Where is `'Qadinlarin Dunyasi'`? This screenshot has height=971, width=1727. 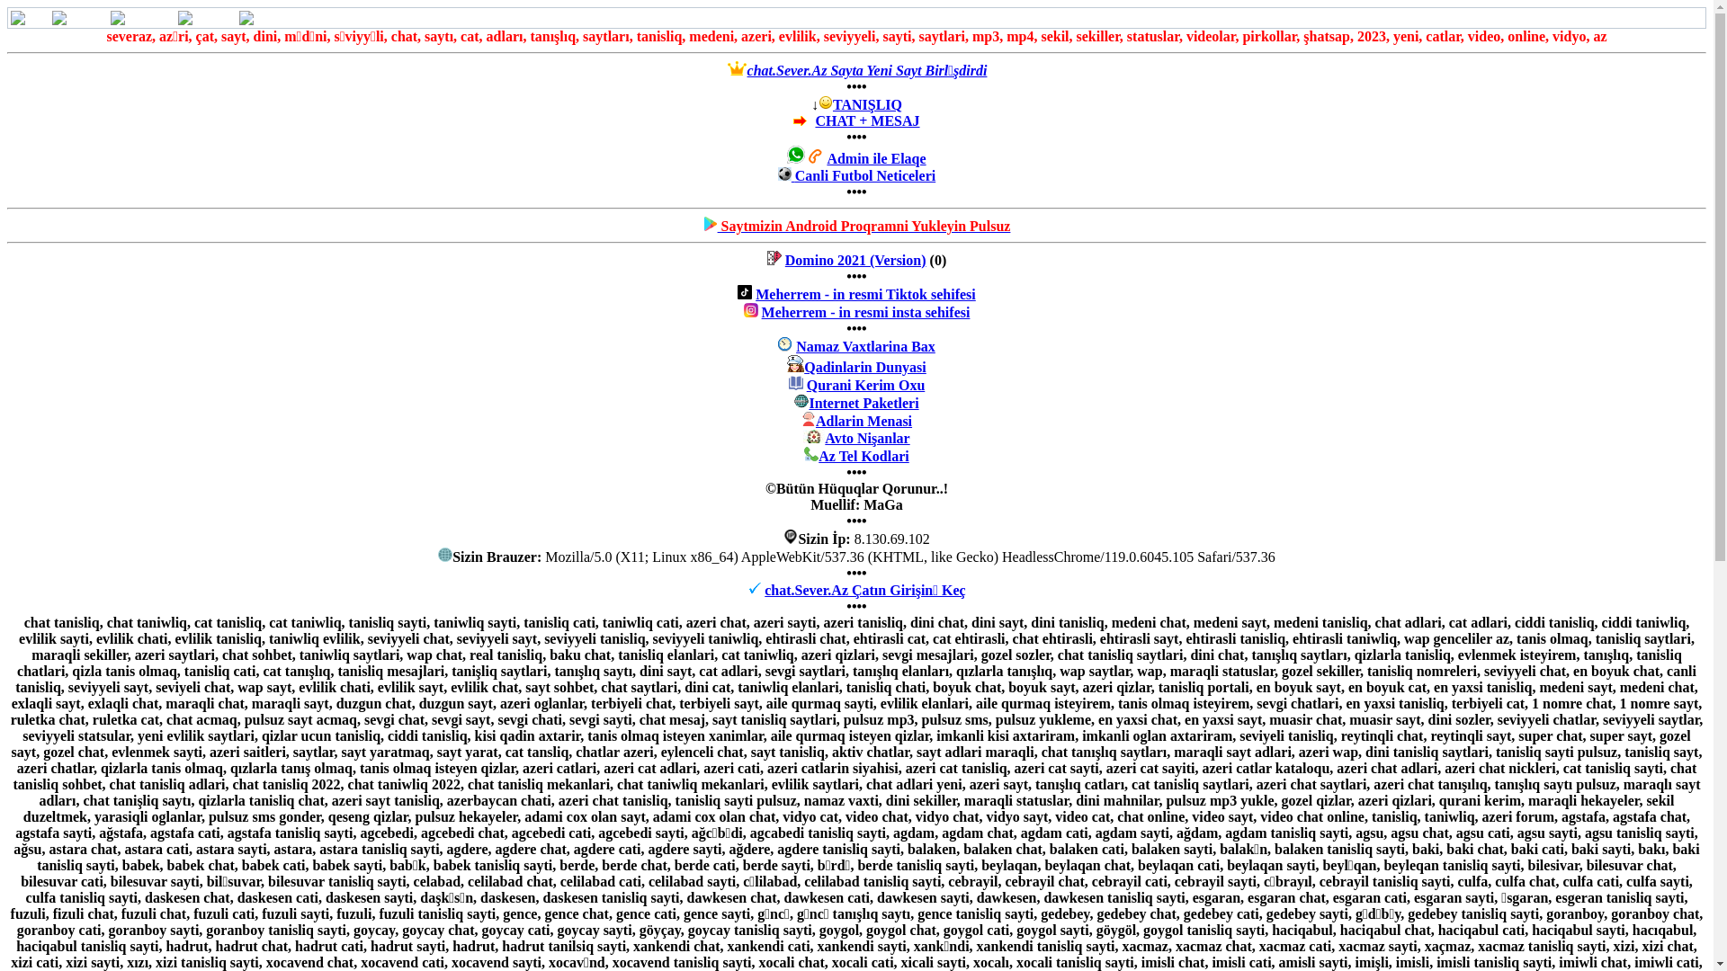
'Qadinlarin Dunyasi' is located at coordinates (864, 366).